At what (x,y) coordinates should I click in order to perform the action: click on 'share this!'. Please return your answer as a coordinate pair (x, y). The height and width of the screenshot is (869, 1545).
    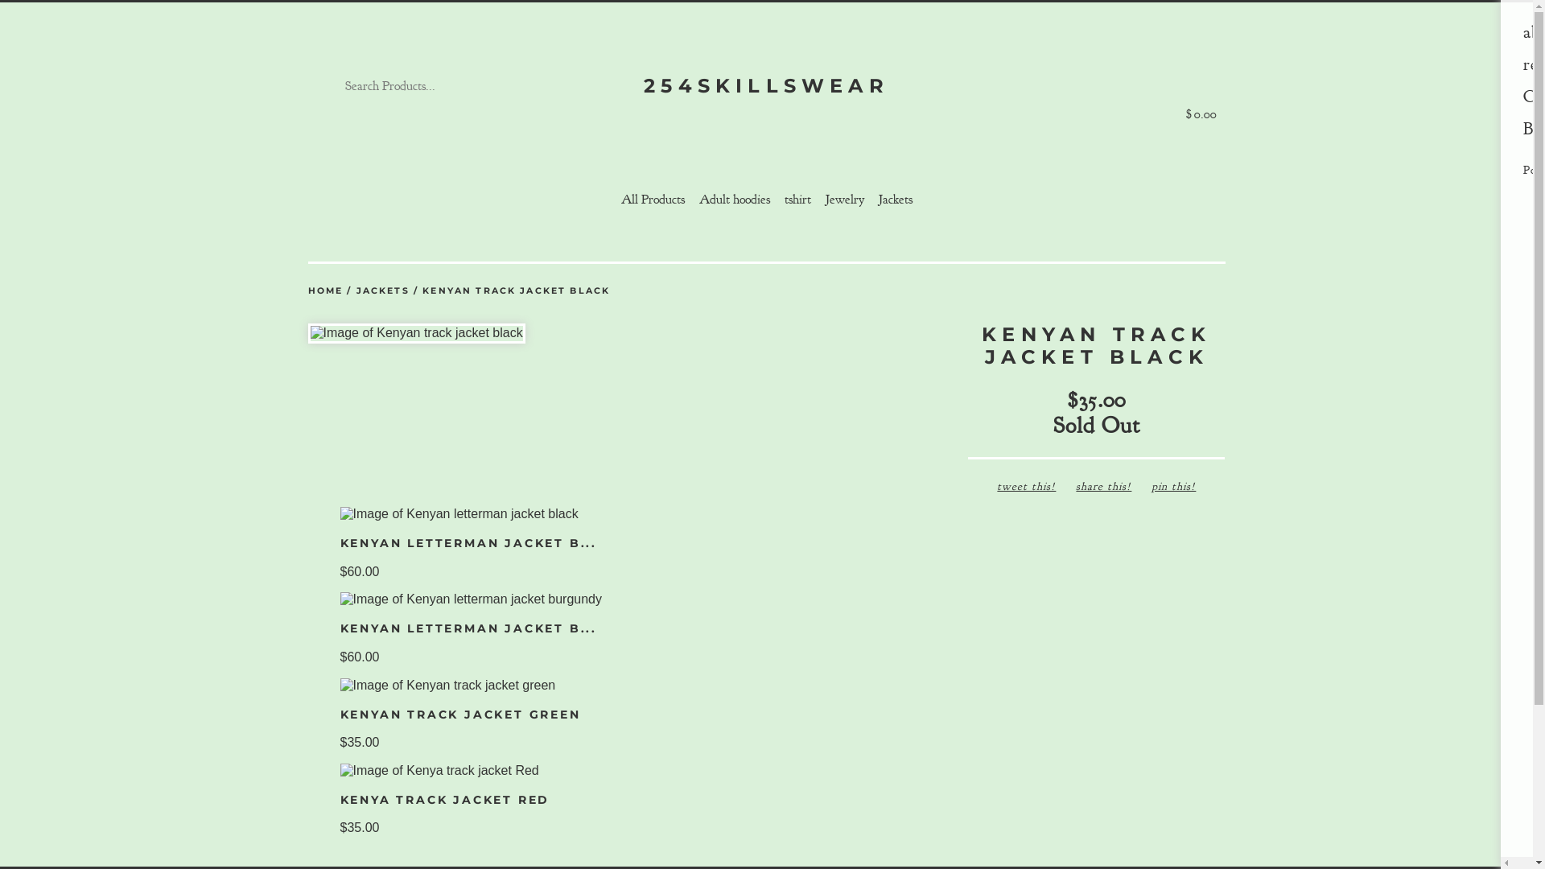
    Looking at the image, I should click on (1102, 485).